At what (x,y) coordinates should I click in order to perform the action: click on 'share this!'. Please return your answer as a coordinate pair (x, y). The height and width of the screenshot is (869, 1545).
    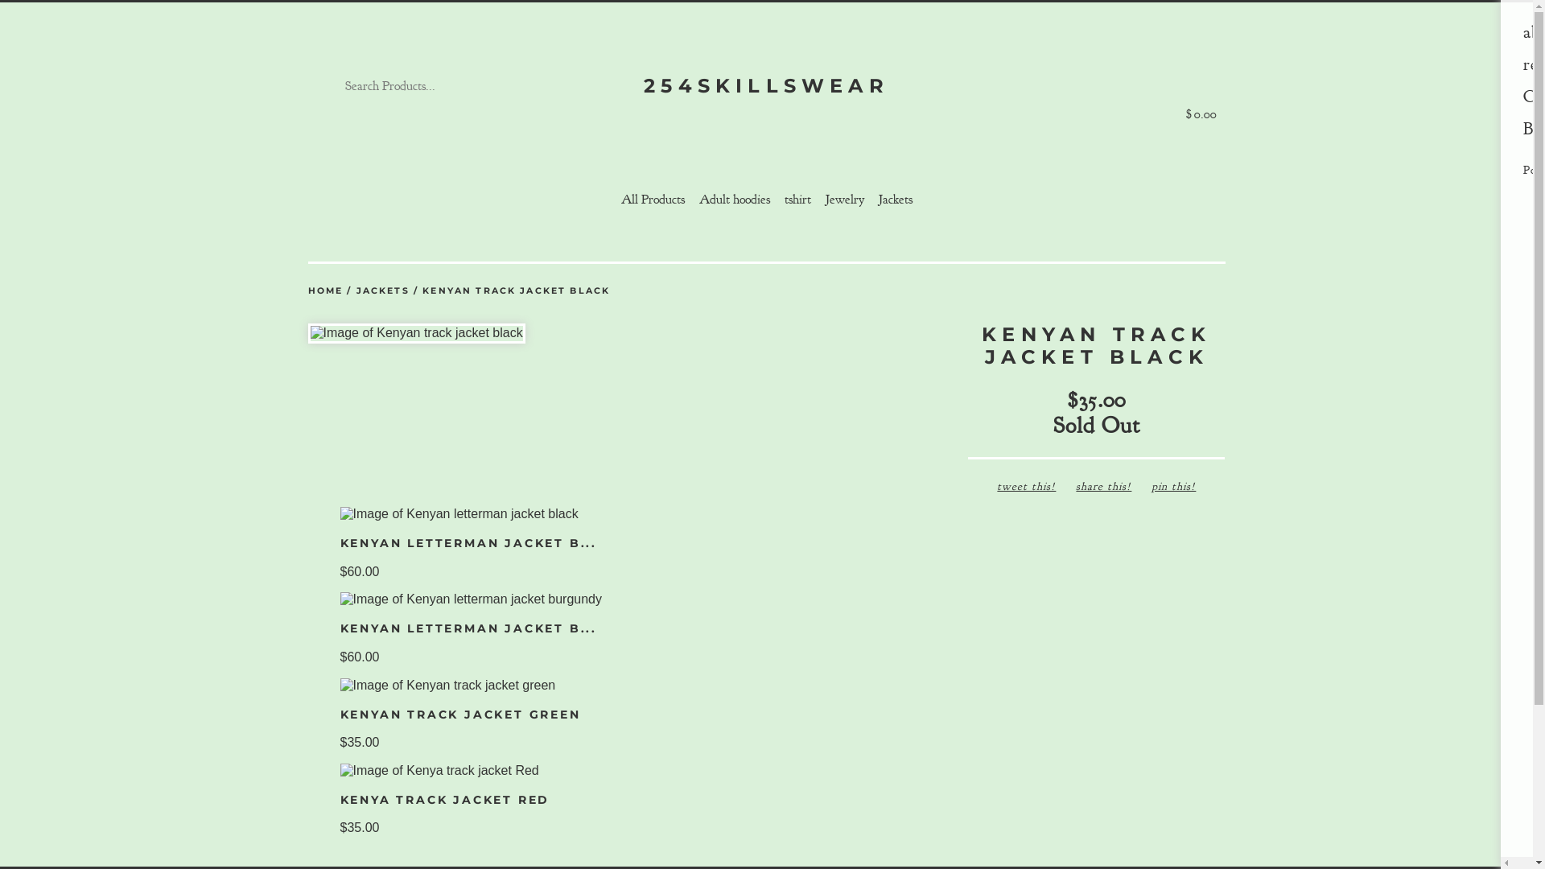
    Looking at the image, I should click on (1102, 485).